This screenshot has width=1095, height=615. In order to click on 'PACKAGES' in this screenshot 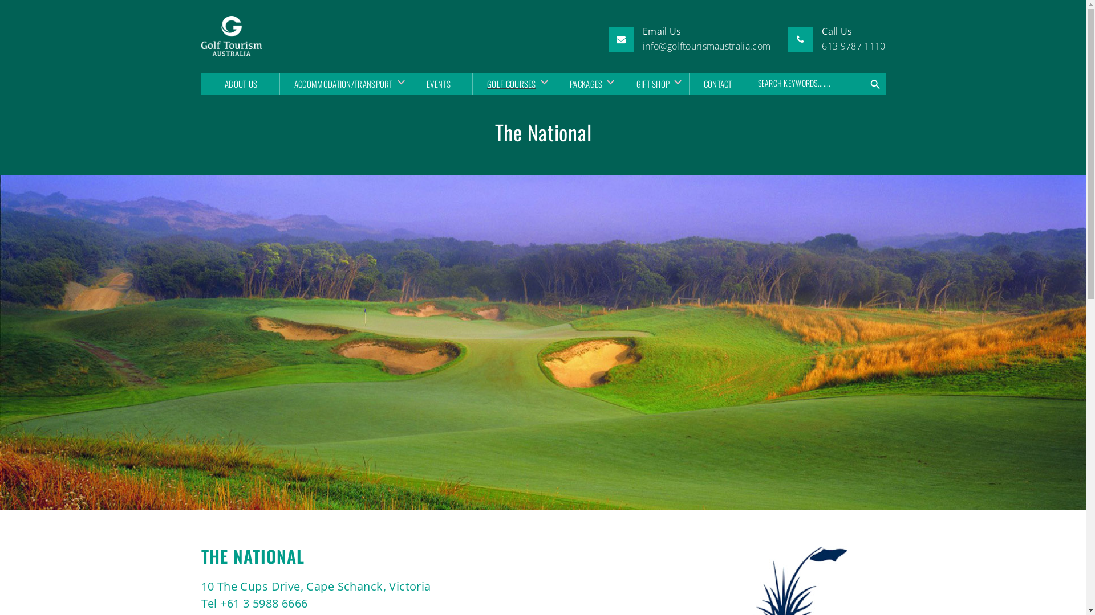, I will do `click(555, 83)`.